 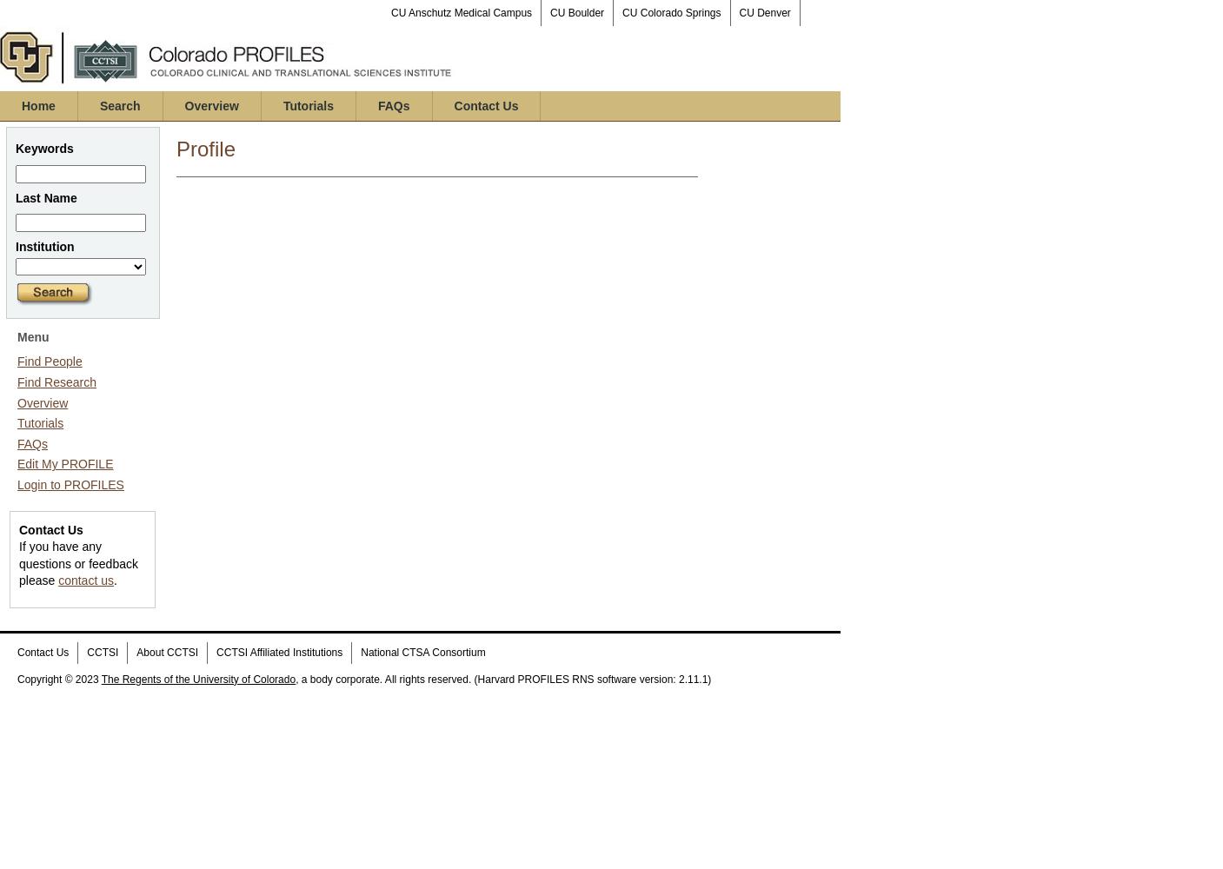 I want to click on 'The Regents of the University
                            of Colorado', so click(x=196, y=679).